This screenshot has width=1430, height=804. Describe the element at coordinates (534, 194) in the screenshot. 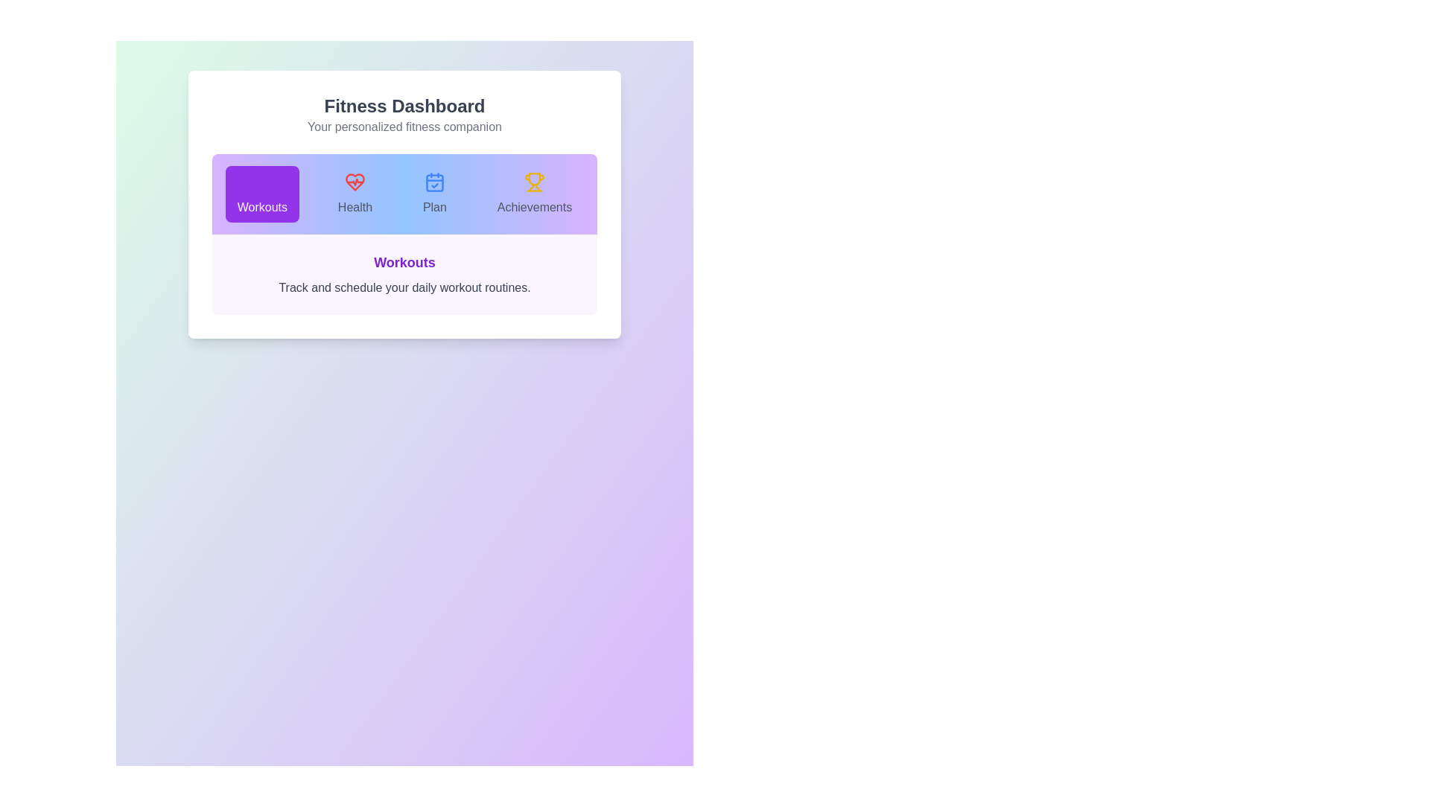

I see `the 'Achievements' tab to select it` at that location.